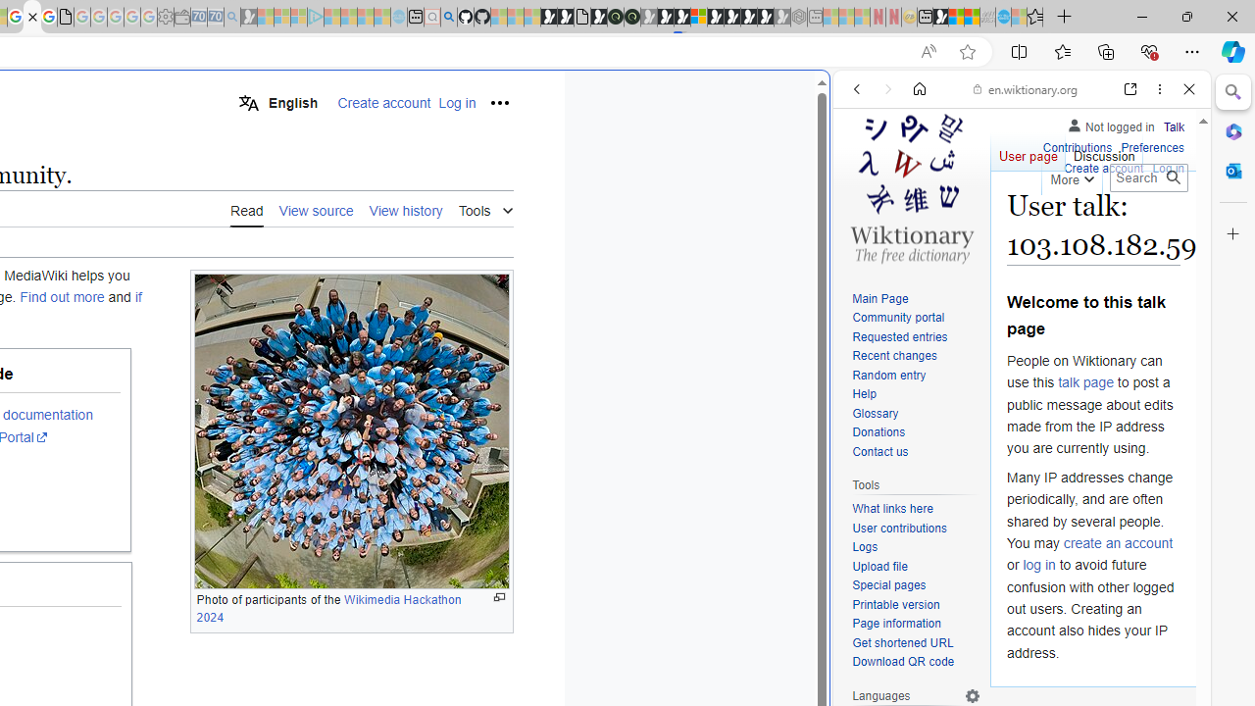 Image resolution: width=1255 pixels, height=706 pixels. Describe the element at coordinates (405, 210) in the screenshot. I see `'View history'` at that location.